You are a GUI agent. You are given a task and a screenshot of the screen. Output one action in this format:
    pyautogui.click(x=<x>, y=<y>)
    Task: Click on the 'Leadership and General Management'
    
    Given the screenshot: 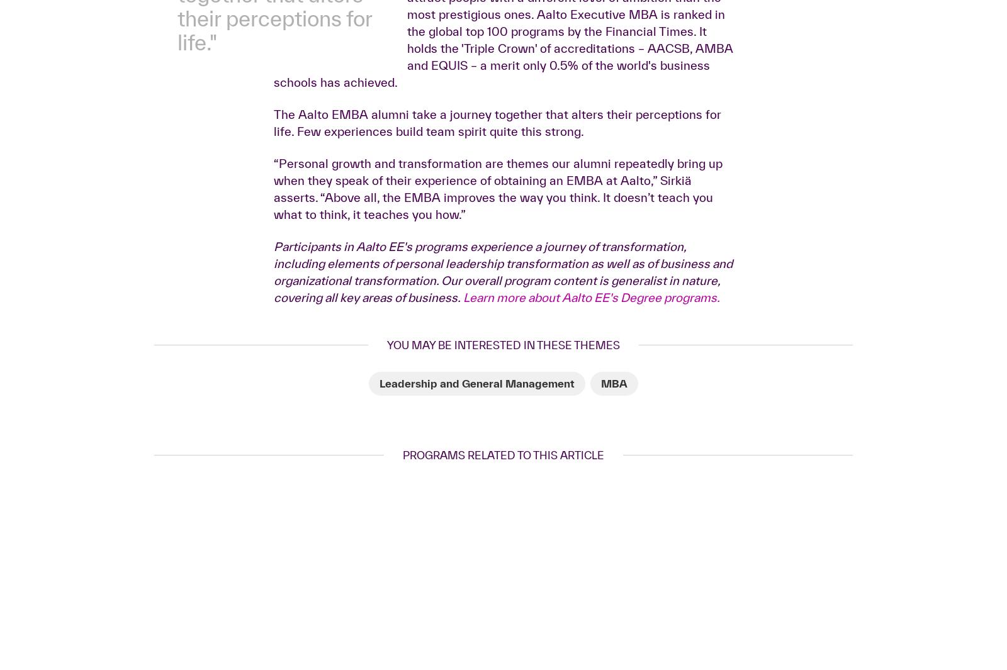 What is the action you would take?
    pyautogui.click(x=477, y=581)
    